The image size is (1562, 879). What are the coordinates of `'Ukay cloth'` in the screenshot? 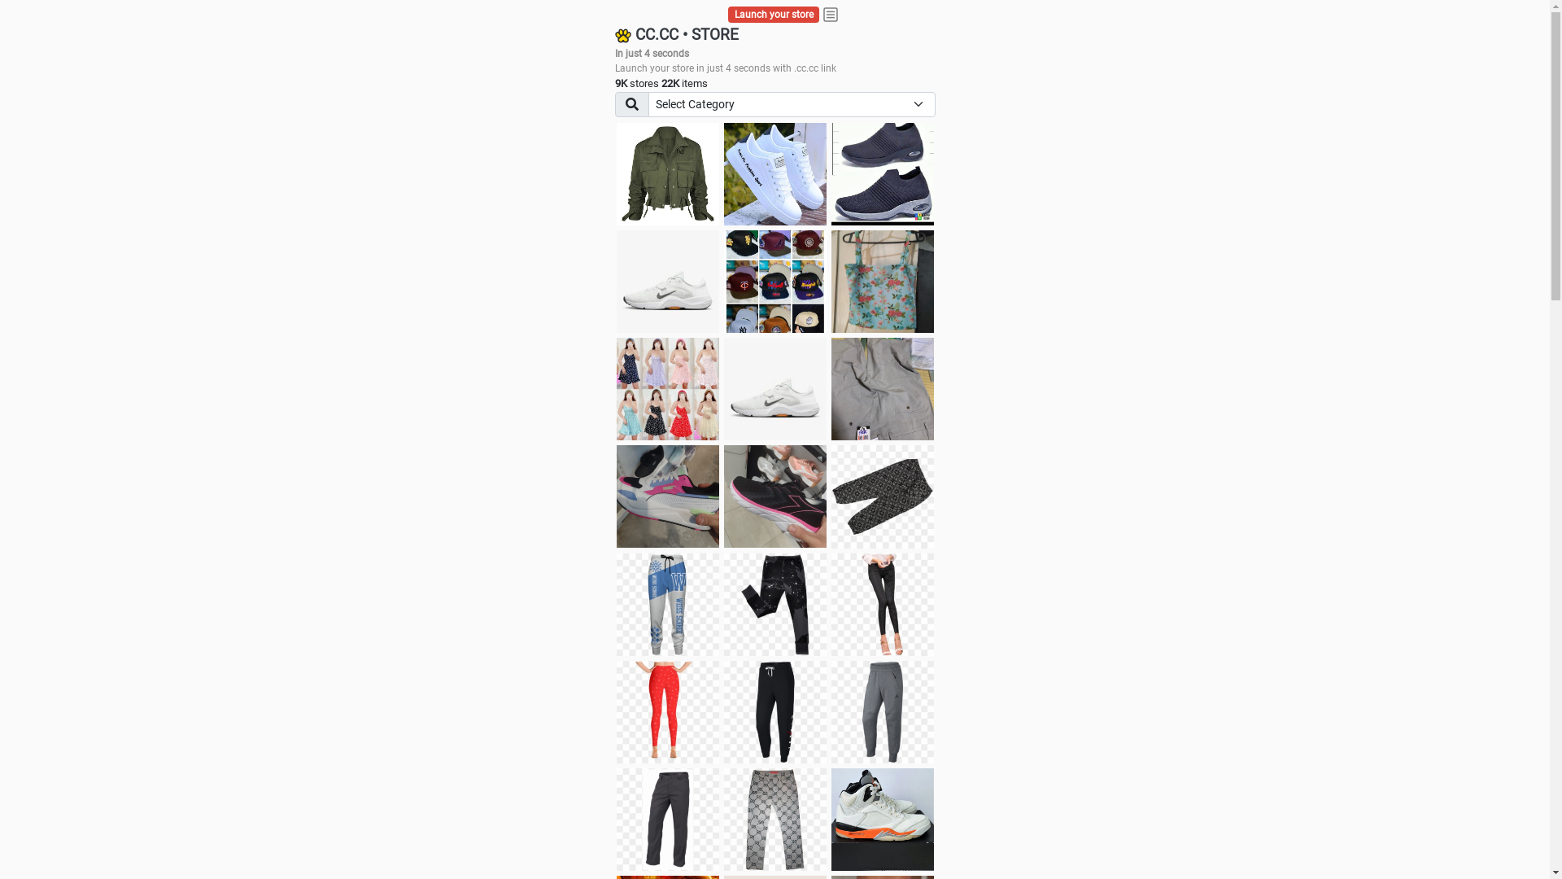 It's located at (831, 281).